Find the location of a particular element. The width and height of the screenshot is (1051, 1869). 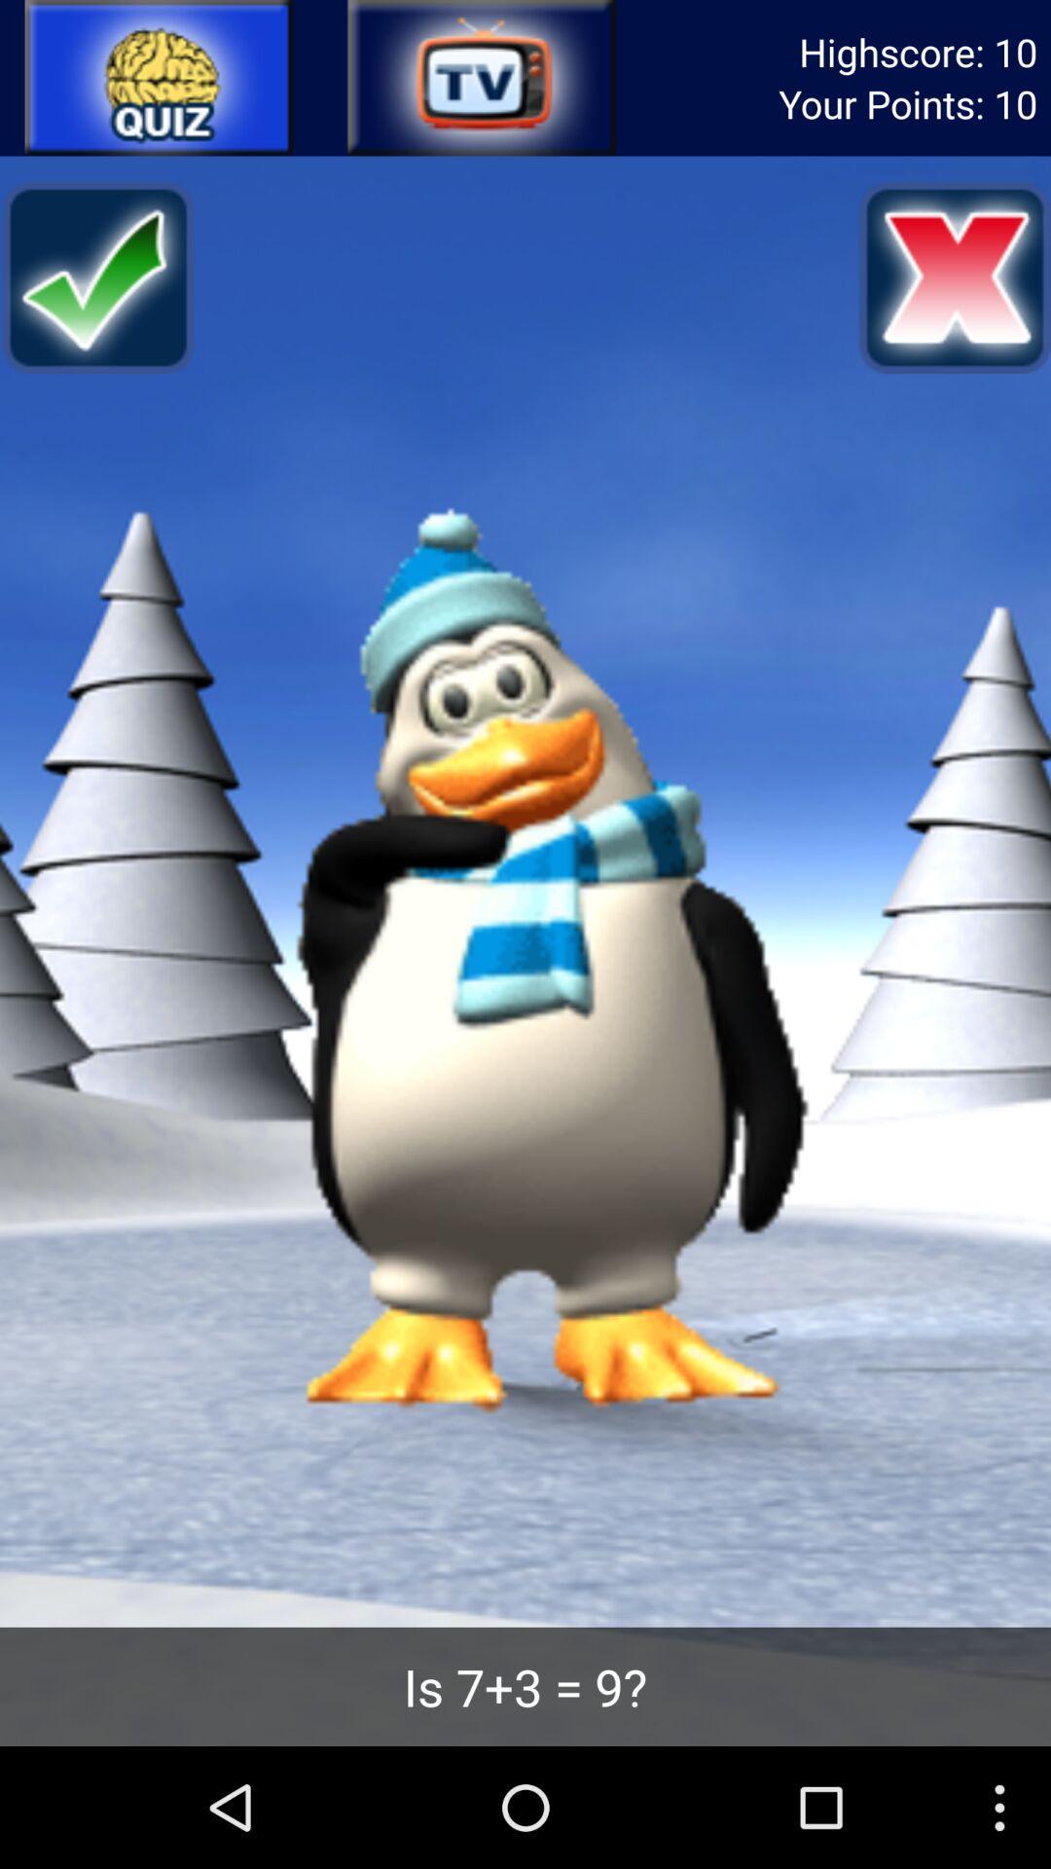

to select tv option is located at coordinates (480, 78).